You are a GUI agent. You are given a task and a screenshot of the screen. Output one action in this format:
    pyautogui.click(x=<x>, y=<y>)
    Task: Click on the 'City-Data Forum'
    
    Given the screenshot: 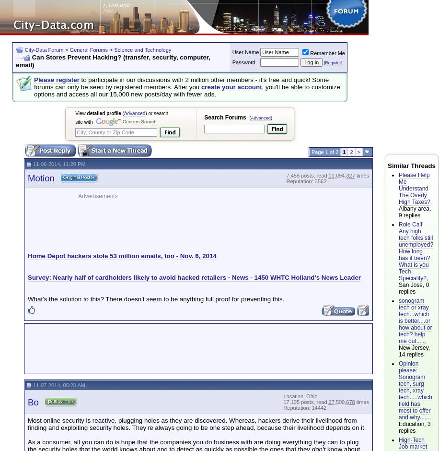 What is the action you would take?
    pyautogui.click(x=43, y=49)
    